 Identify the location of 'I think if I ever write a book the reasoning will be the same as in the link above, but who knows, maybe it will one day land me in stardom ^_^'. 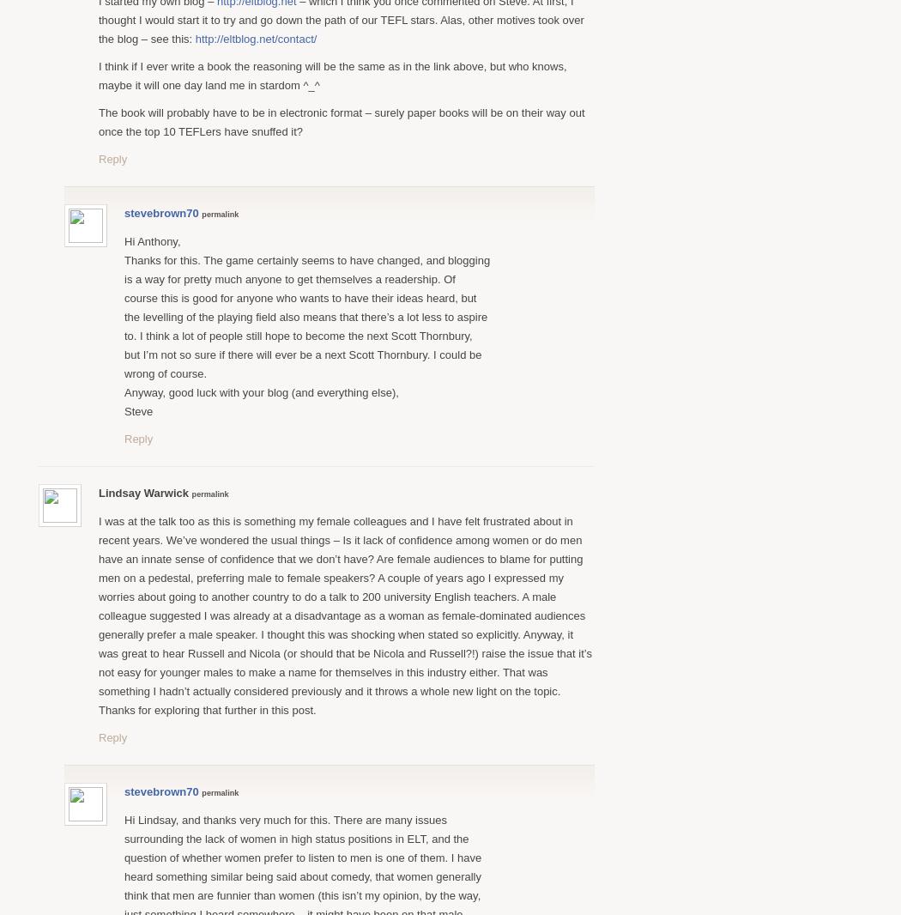
(332, 74).